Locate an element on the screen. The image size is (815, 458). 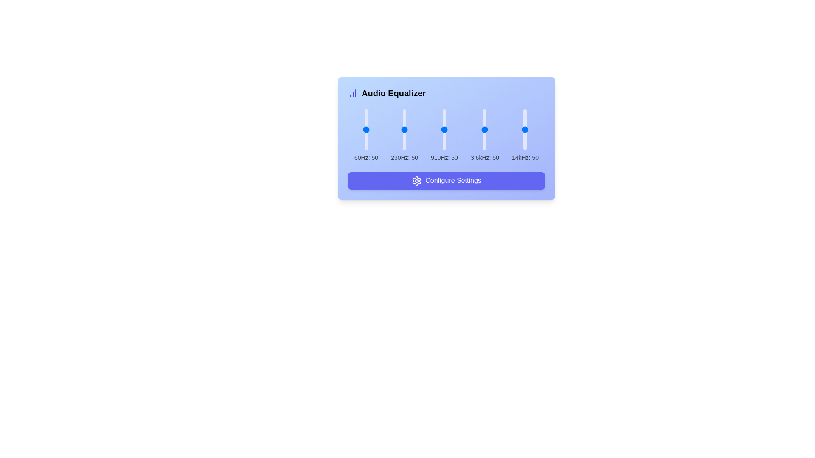
the 3.6kHz audio equalizer slider is located at coordinates (485, 126).